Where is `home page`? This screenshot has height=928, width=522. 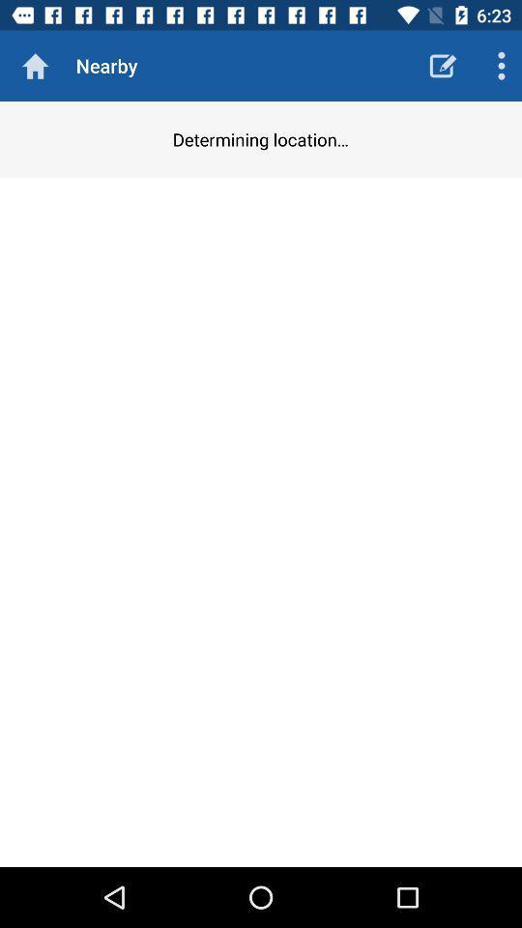 home page is located at coordinates (35, 66).